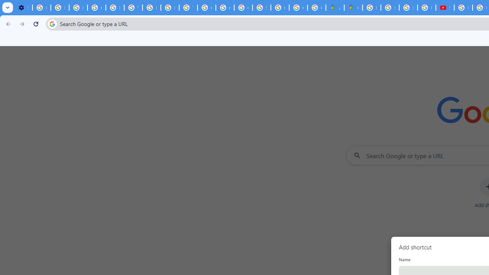  I want to click on 'Settings - Customize profile', so click(23, 8).